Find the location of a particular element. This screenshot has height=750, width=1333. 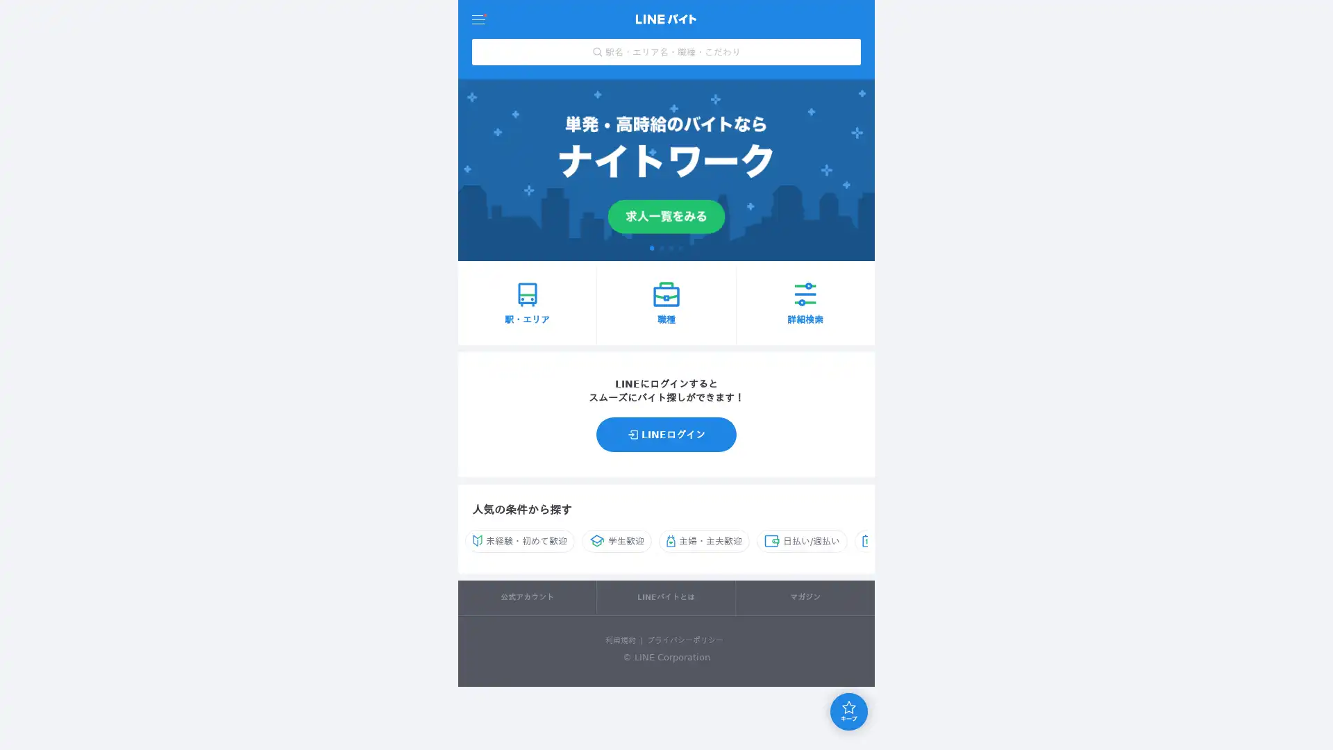

3 is located at coordinates (671, 247).